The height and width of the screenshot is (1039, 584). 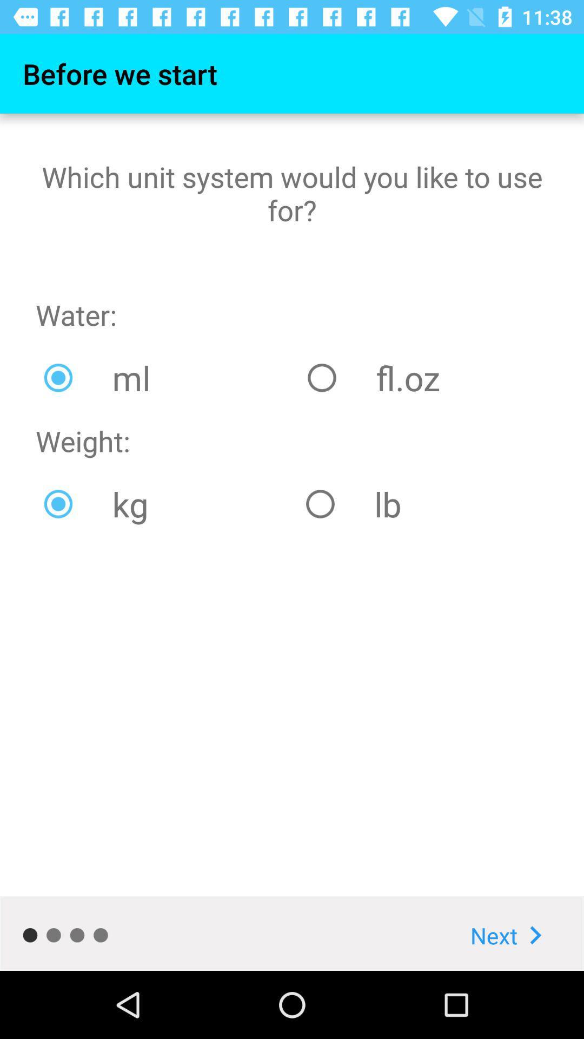 What do you see at coordinates (167, 503) in the screenshot?
I see `item next to the lb item` at bounding box center [167, 503].